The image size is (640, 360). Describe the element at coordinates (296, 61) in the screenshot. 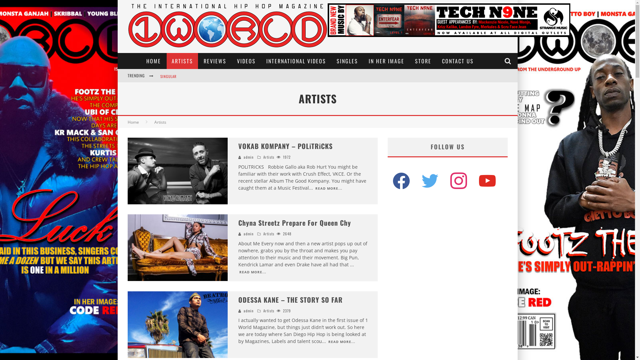

I see `'INTERNATIONAL VIDEOS'` at that location.